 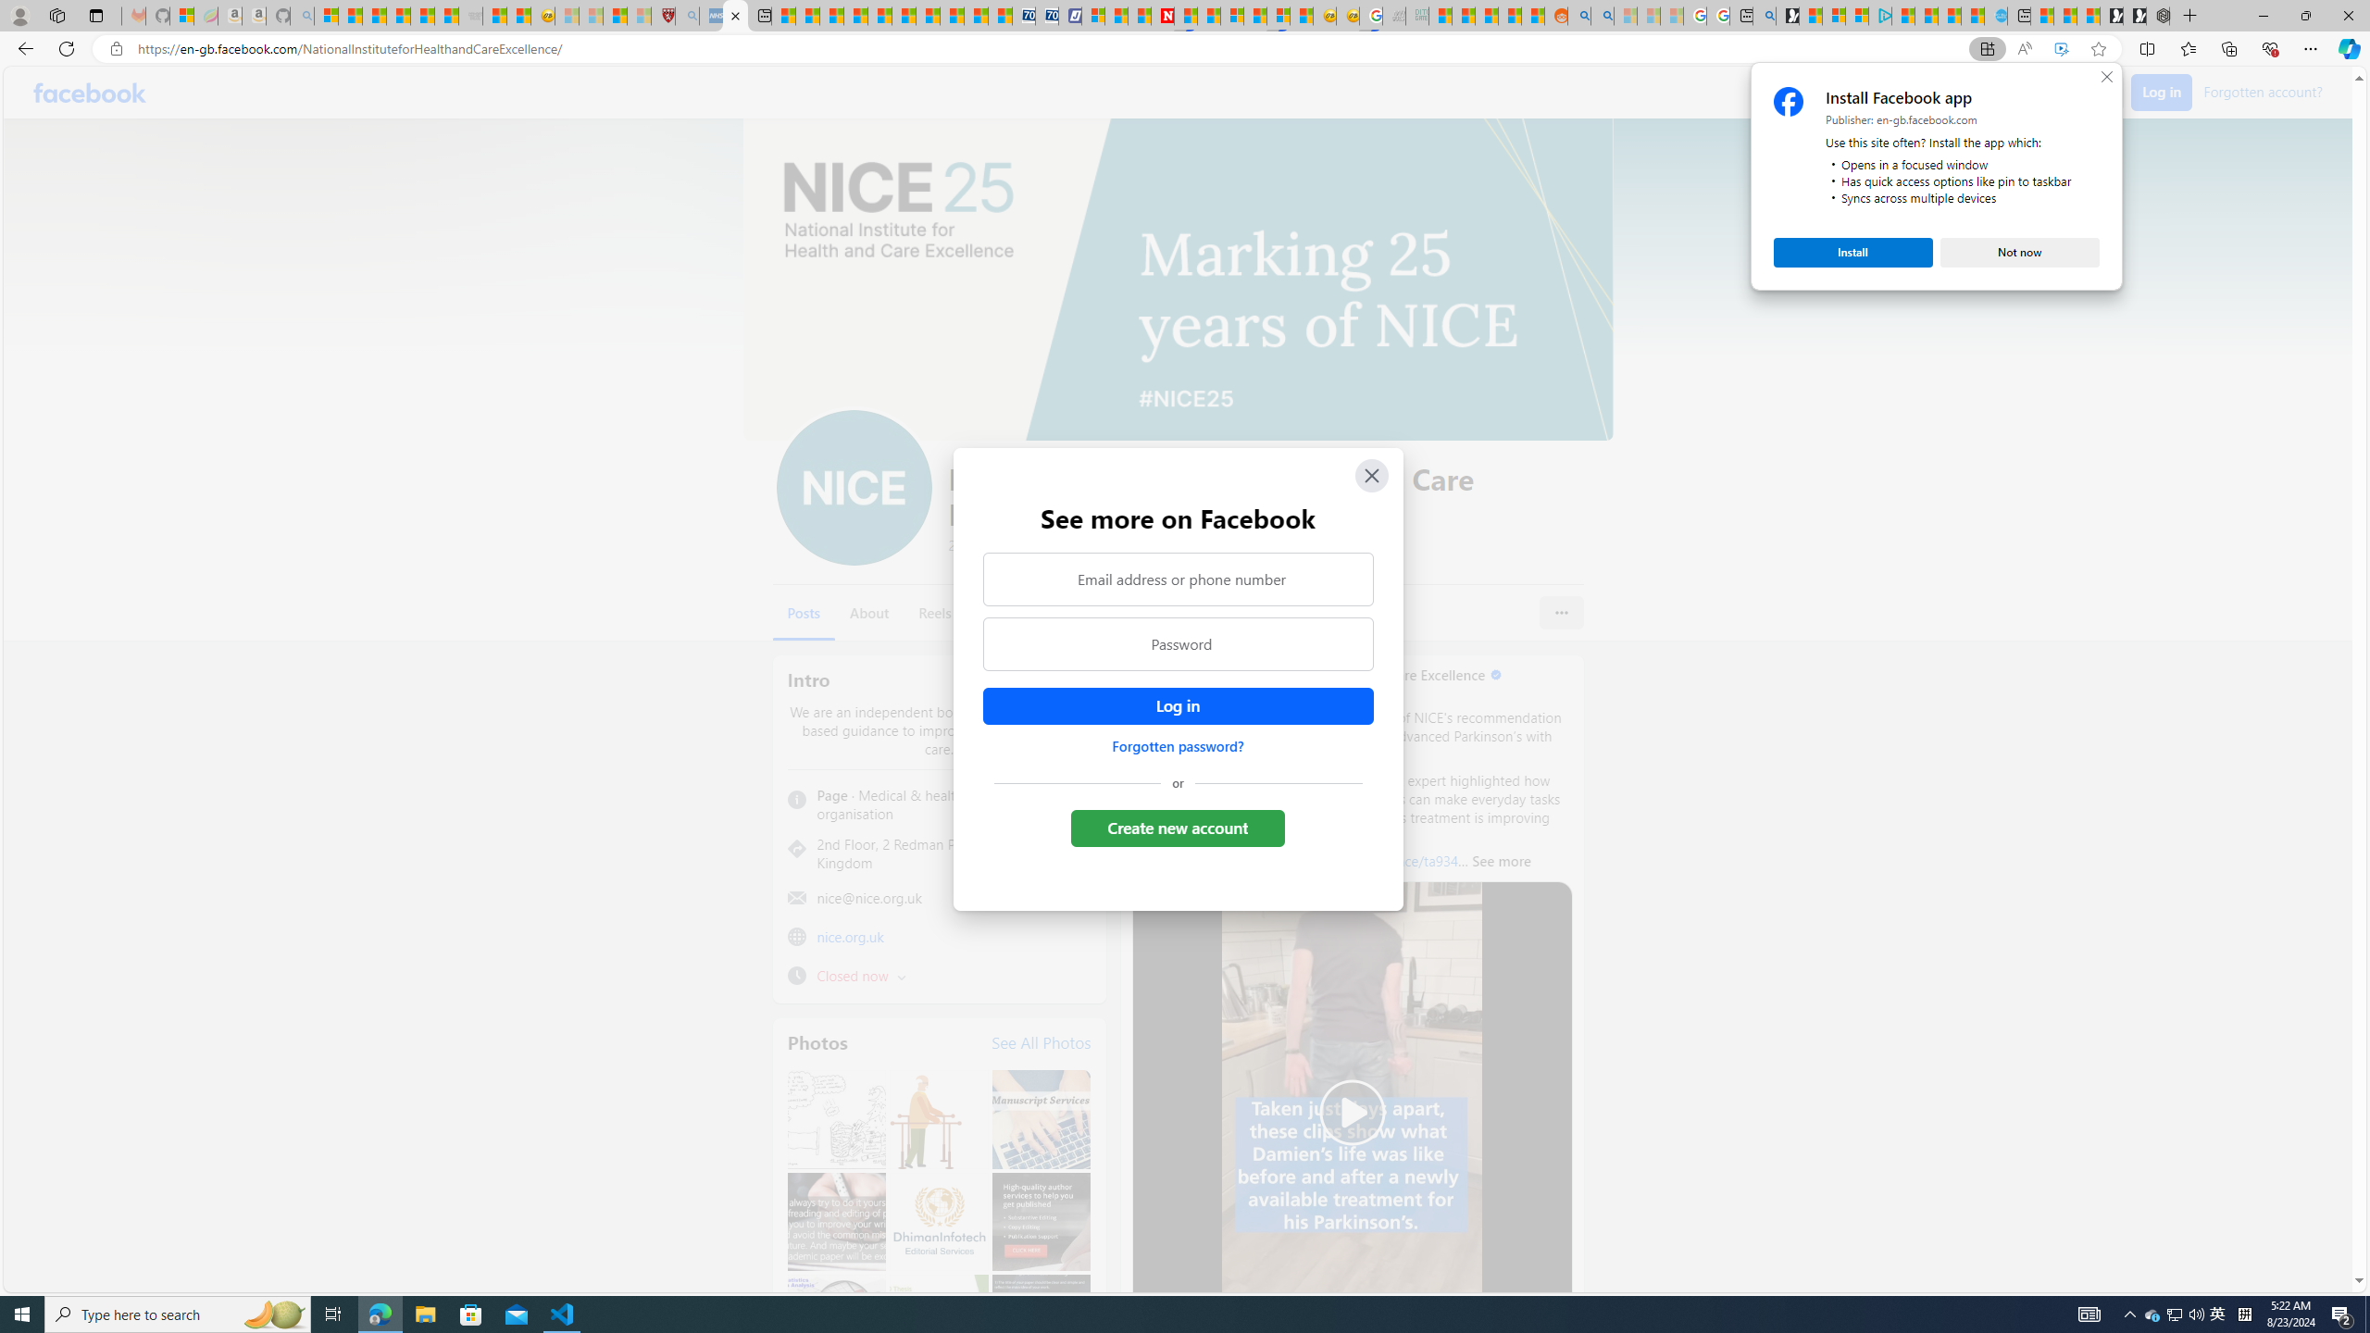 What do you see at coordinates (2366, 1313) in the screenshot?
I see `'Show desktop'` at bounding box center [2366, 1313].